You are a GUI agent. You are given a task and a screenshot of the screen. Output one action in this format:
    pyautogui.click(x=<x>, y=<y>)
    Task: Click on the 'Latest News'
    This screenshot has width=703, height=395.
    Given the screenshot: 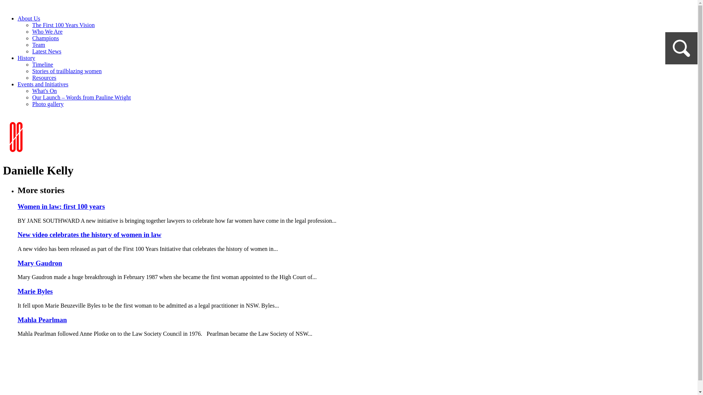 What is the action you would take?
    pyautogui.click(x=47, y=51)
    